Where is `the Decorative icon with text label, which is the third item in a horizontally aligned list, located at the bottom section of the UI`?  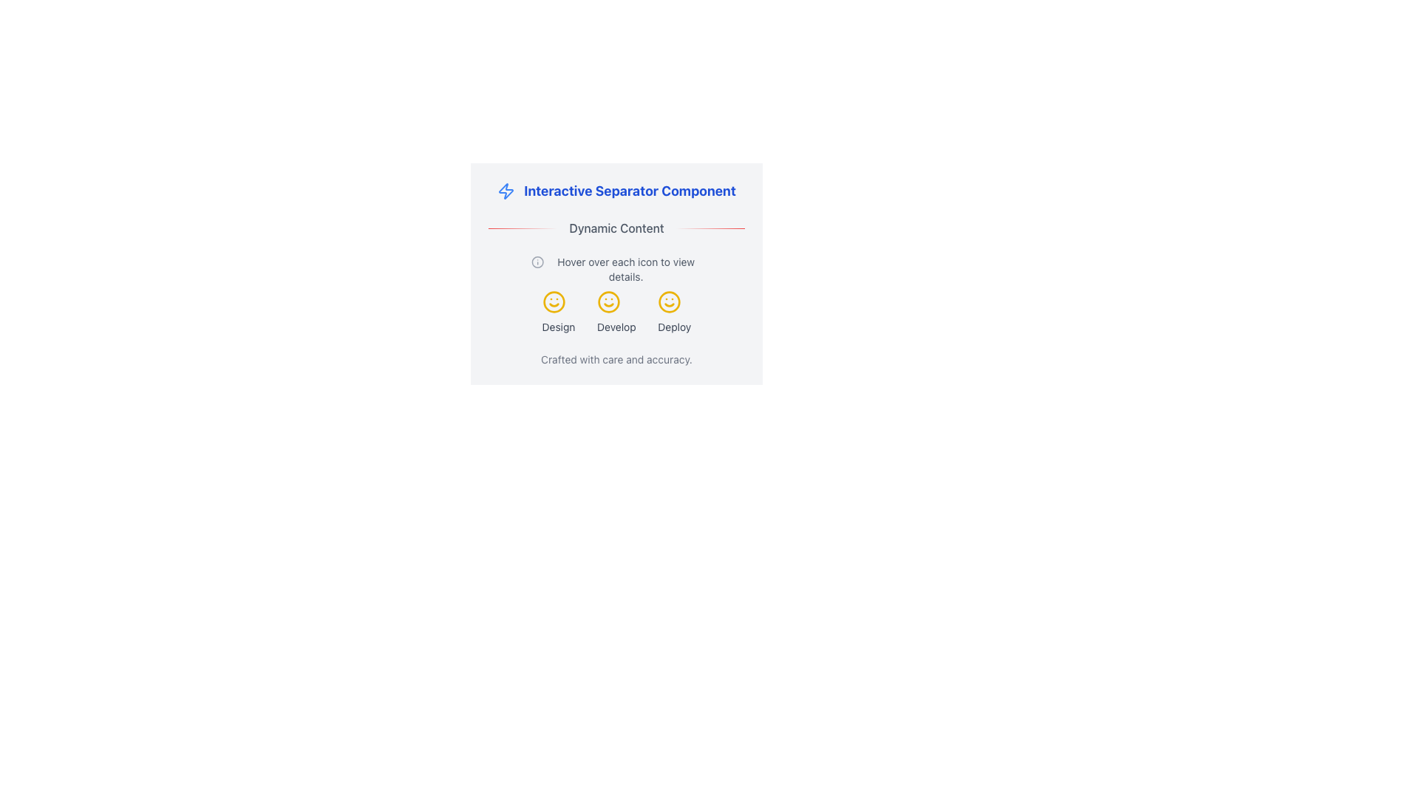 the Decorative icon with text label, which is the third item in a horizontally aligned list, located at the bottom section of the UI is located at coordinates (673, 312).